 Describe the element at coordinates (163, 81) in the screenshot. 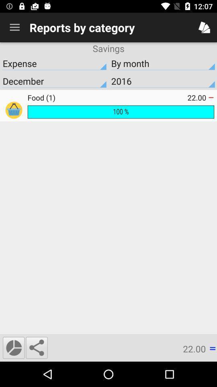

I see `the icon next to the expense icon` at that location.